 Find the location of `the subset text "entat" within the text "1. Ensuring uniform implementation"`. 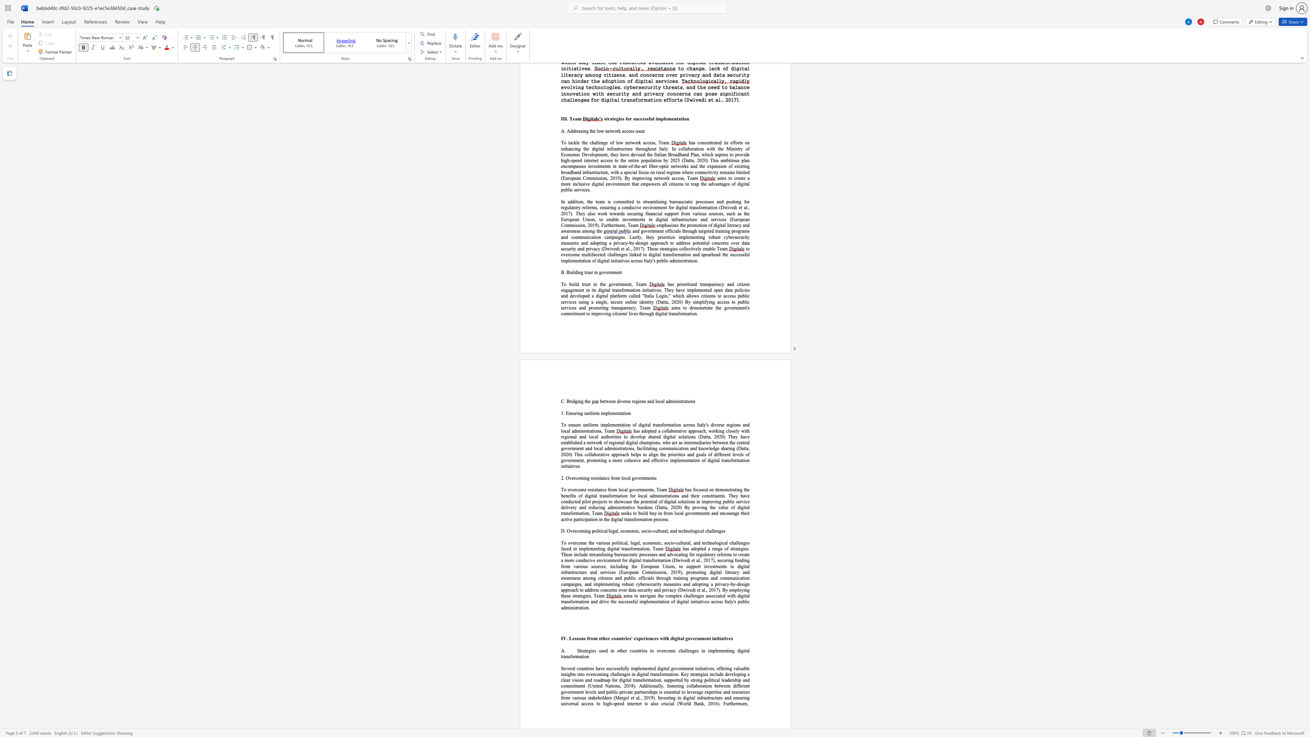

the subset text "entat" within the text "1. Ensuring uniform implementation" is located at coordinates (615, 413).